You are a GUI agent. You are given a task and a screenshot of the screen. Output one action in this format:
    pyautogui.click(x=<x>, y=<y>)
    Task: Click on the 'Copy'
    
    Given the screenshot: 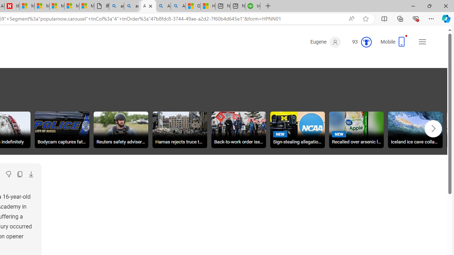 What is the action you would take?
    pyautogui.click(x=20, y=174)
    